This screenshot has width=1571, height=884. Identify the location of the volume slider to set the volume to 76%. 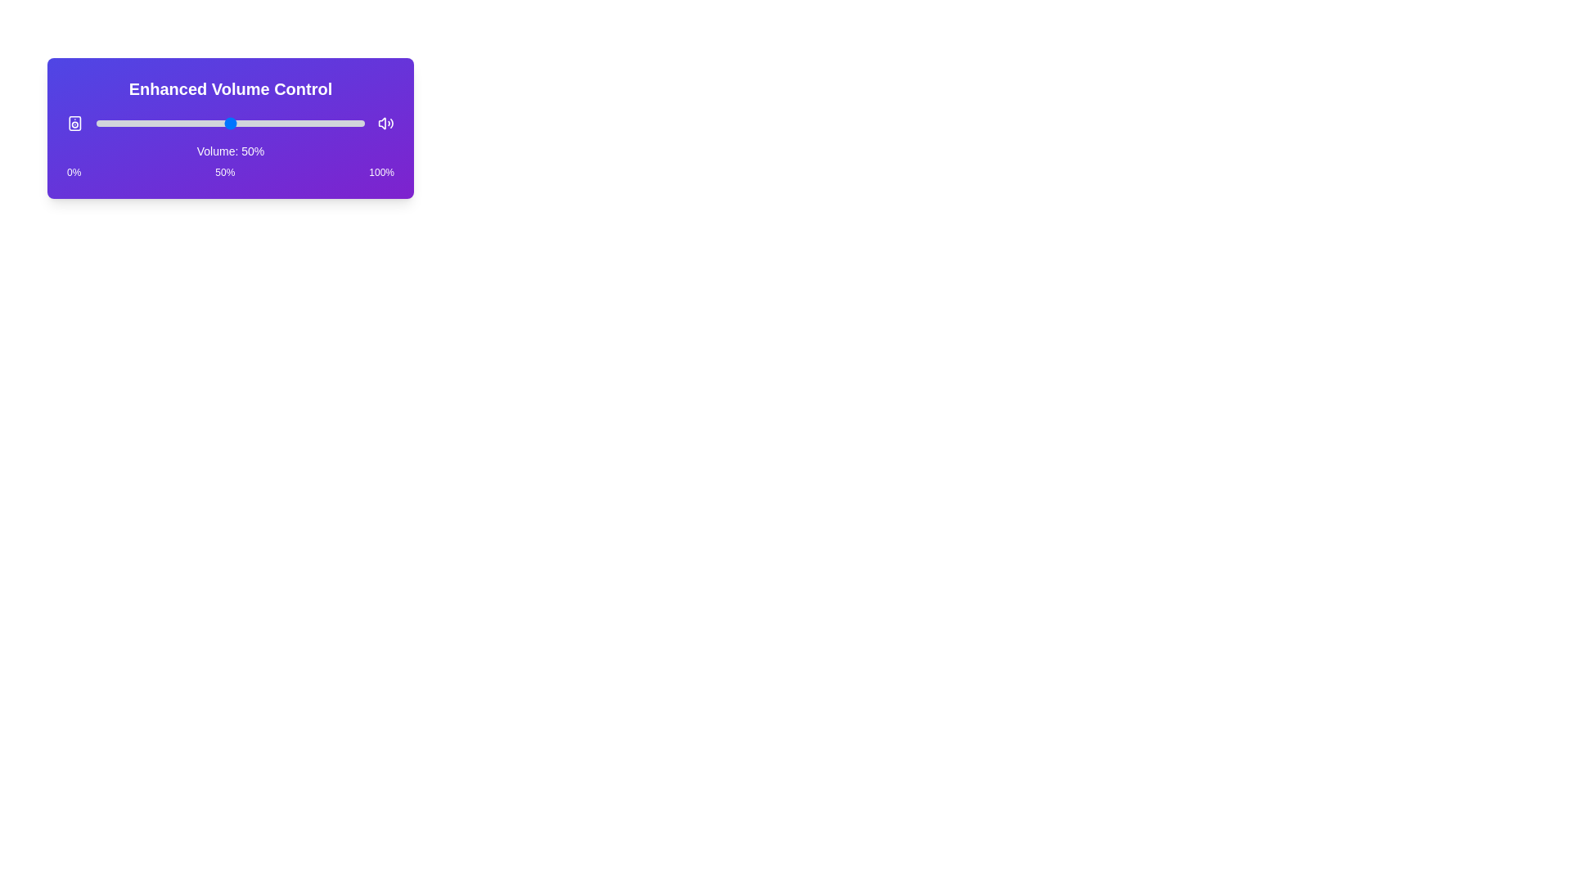
(300, 122).